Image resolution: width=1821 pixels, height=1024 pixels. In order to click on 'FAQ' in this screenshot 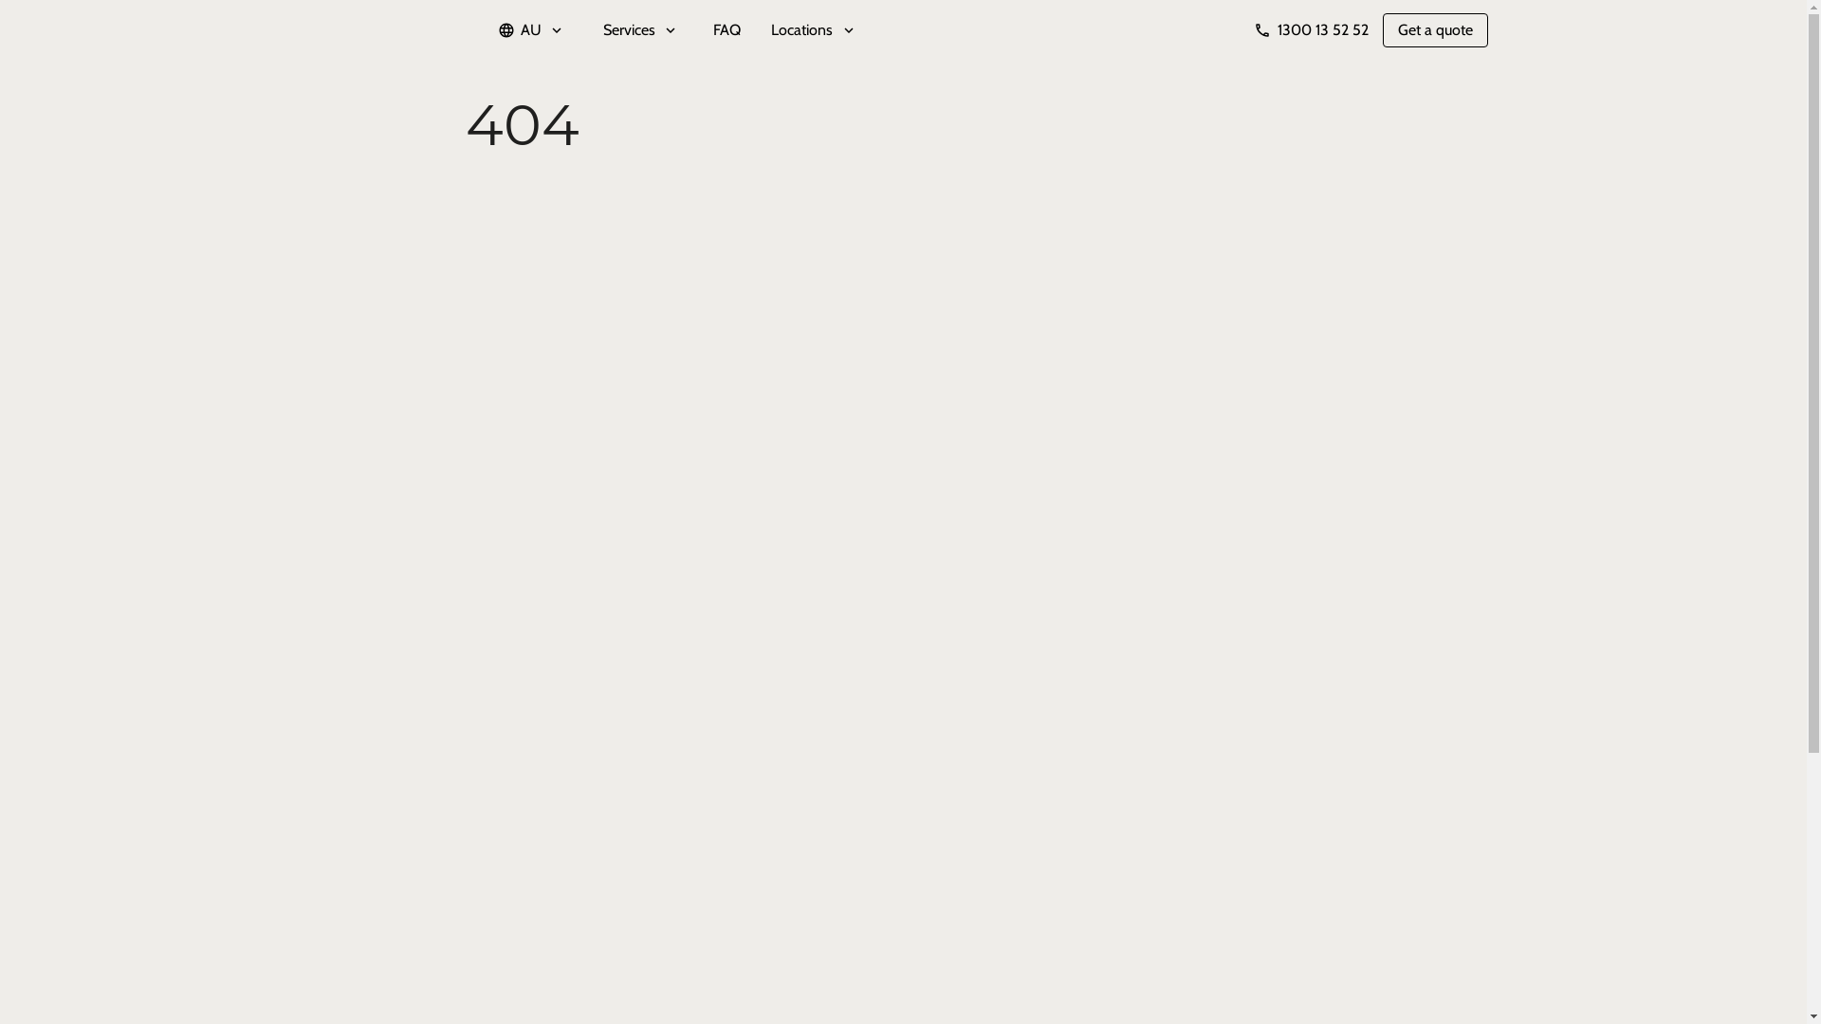, I will do `click(726, 29)`.